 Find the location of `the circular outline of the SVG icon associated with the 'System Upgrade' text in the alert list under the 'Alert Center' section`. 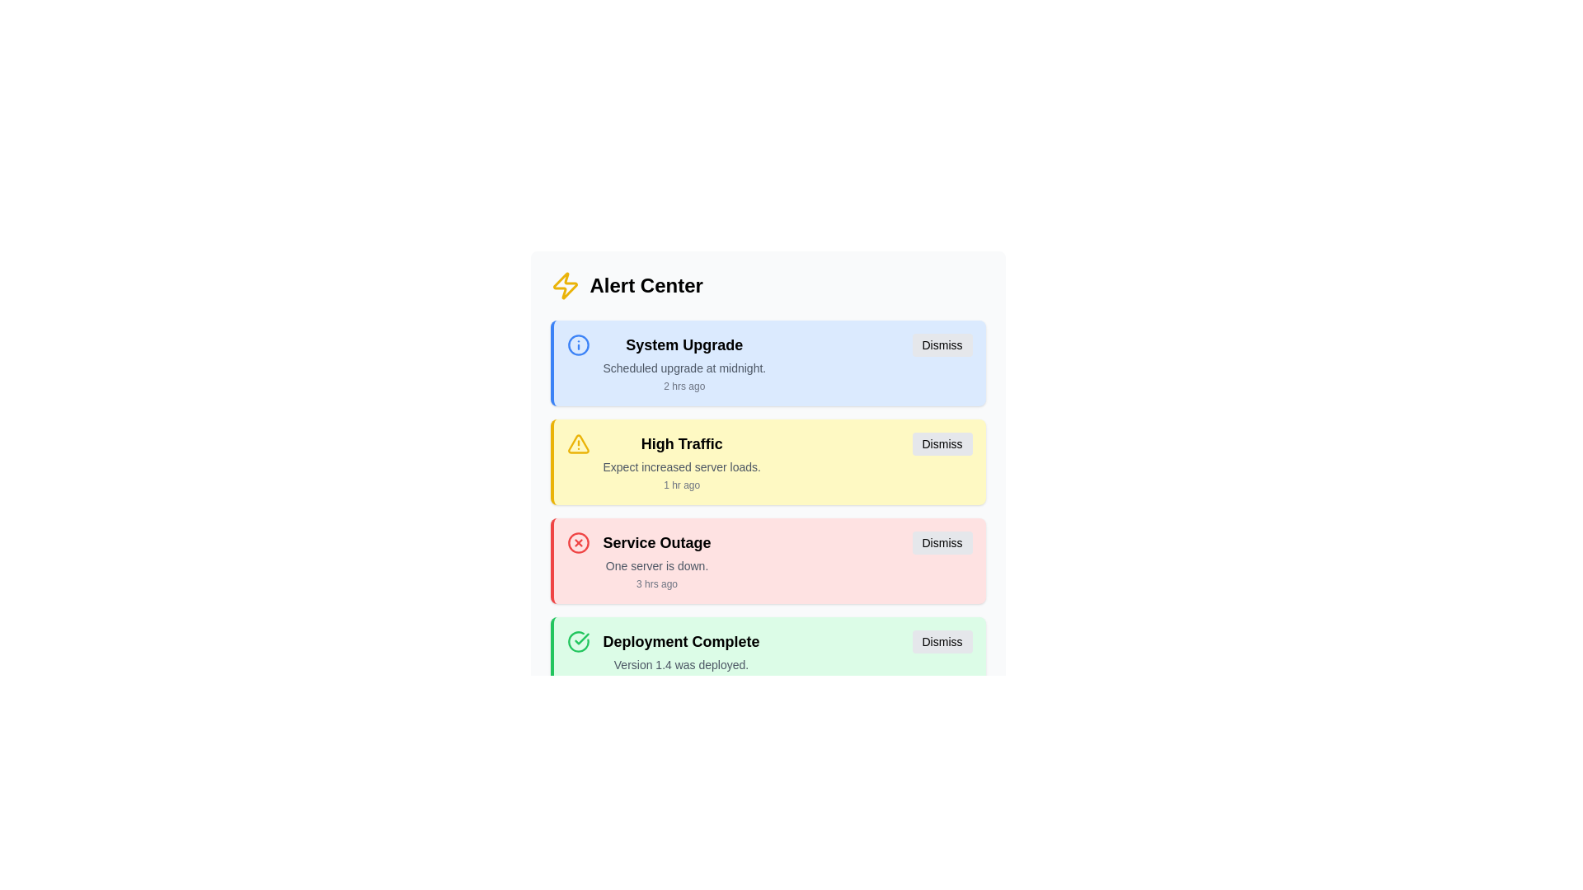

the circular outline of the SVG icon associated with the 'System Upgrade' text in the alert list under the 'Alert Center' section is located at coordinates (578, 344).